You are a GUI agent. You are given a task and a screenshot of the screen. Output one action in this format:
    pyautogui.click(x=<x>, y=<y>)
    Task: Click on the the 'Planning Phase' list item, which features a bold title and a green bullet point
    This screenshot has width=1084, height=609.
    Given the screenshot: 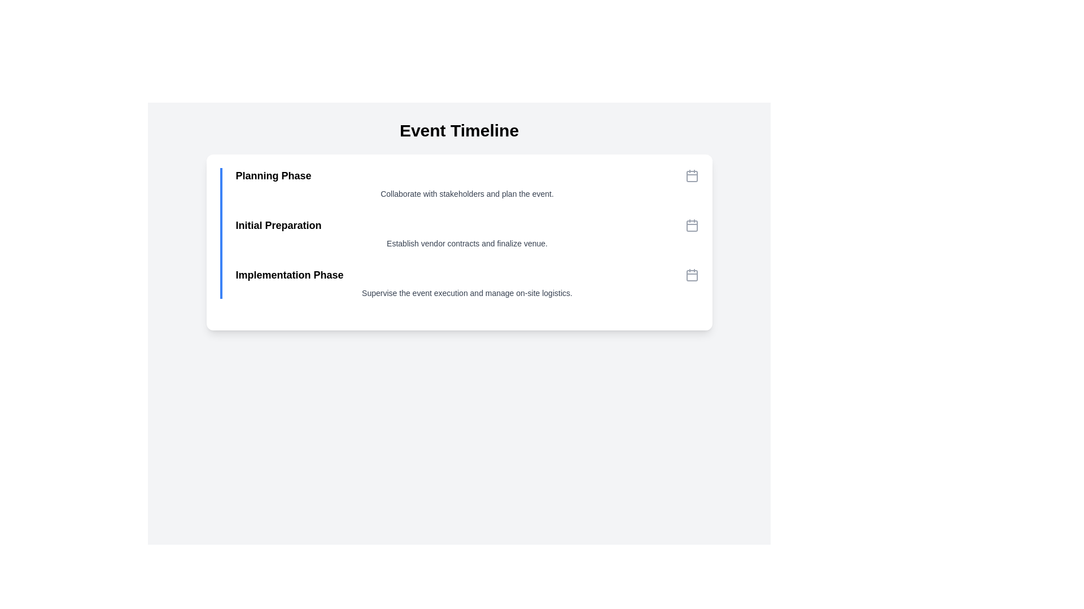 What is the action you would take?
    pyautogui.click(x=460, y=183)
    